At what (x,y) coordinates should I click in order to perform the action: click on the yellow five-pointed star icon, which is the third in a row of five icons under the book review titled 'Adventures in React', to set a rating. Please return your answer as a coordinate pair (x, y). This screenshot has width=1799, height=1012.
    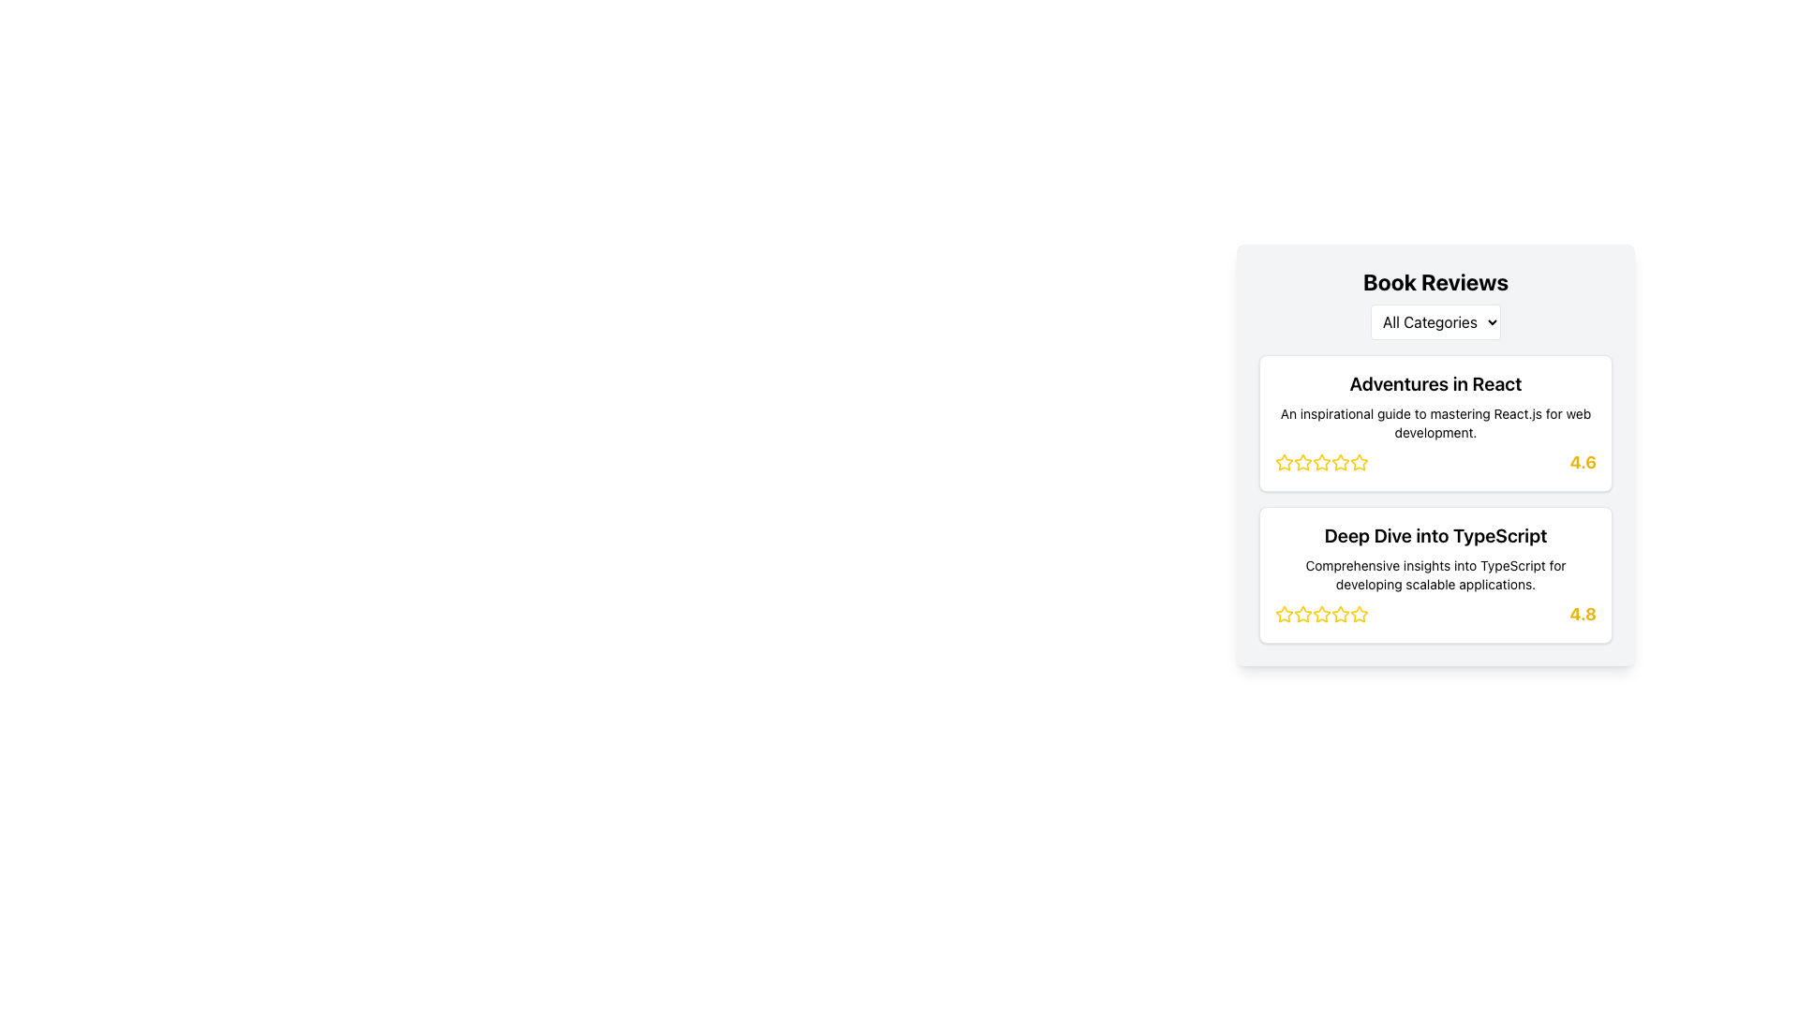
    Looking at the image, I should click on (1339, 462).